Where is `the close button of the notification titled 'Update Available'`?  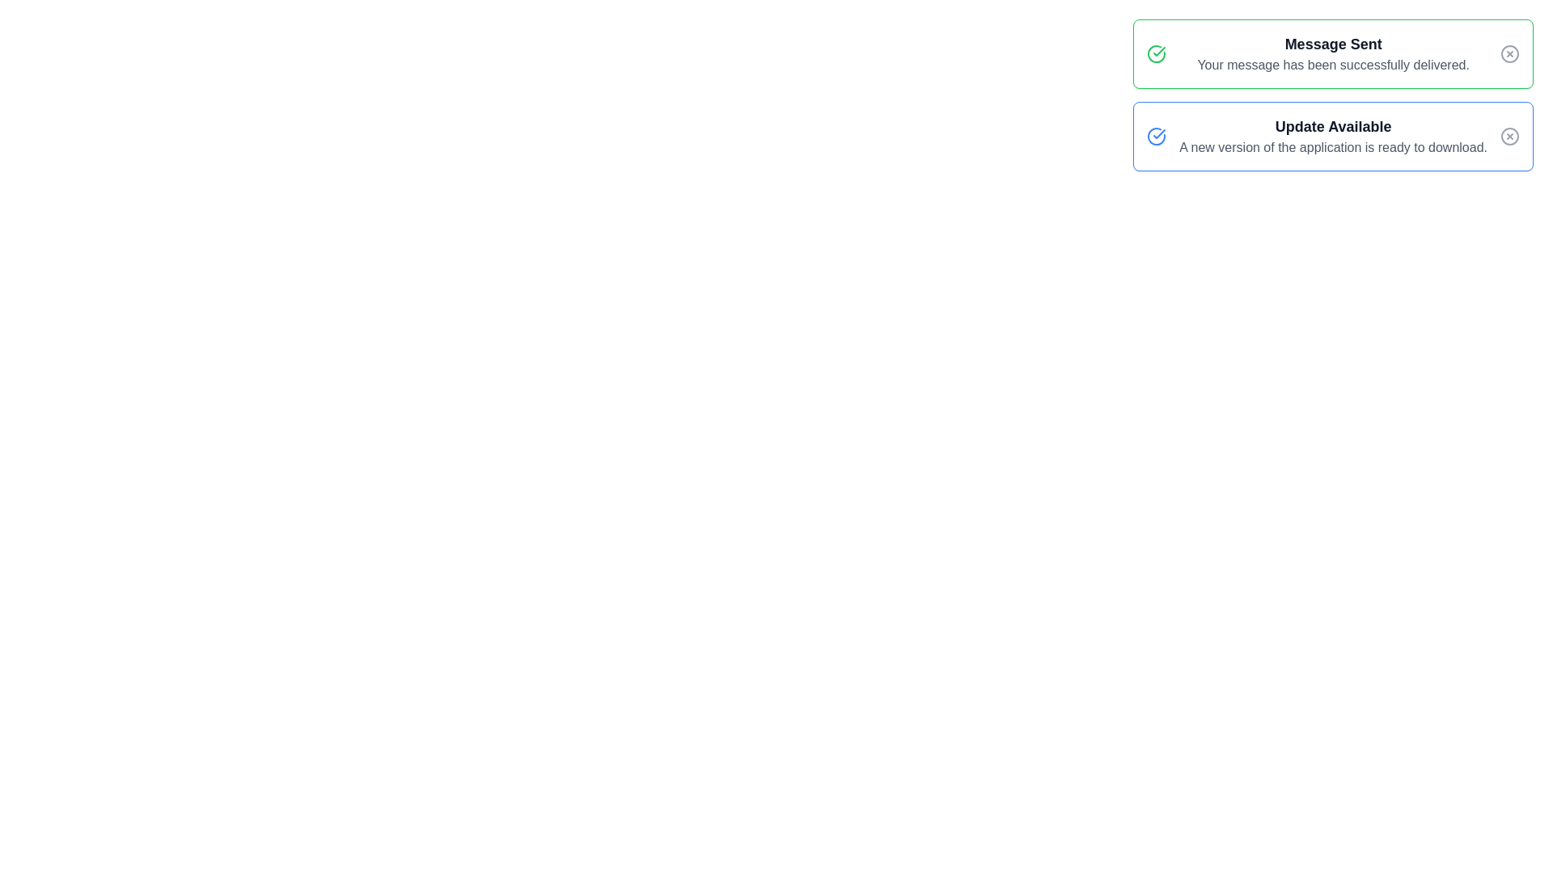 the close button of the notification titled 'Update Available' is located at coordinates (1509, 136).